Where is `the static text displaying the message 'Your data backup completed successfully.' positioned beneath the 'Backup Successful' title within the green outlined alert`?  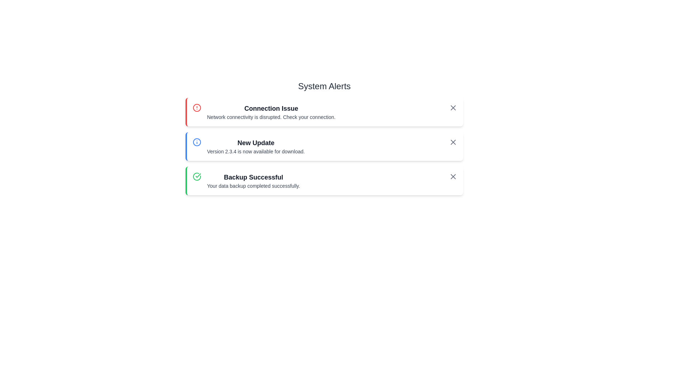 the static text displaying the message 'Your data backup completed successfully.' positioned beneath the 'Backup Successful' title within the green outlined alert is located at coordinates (253, 186).